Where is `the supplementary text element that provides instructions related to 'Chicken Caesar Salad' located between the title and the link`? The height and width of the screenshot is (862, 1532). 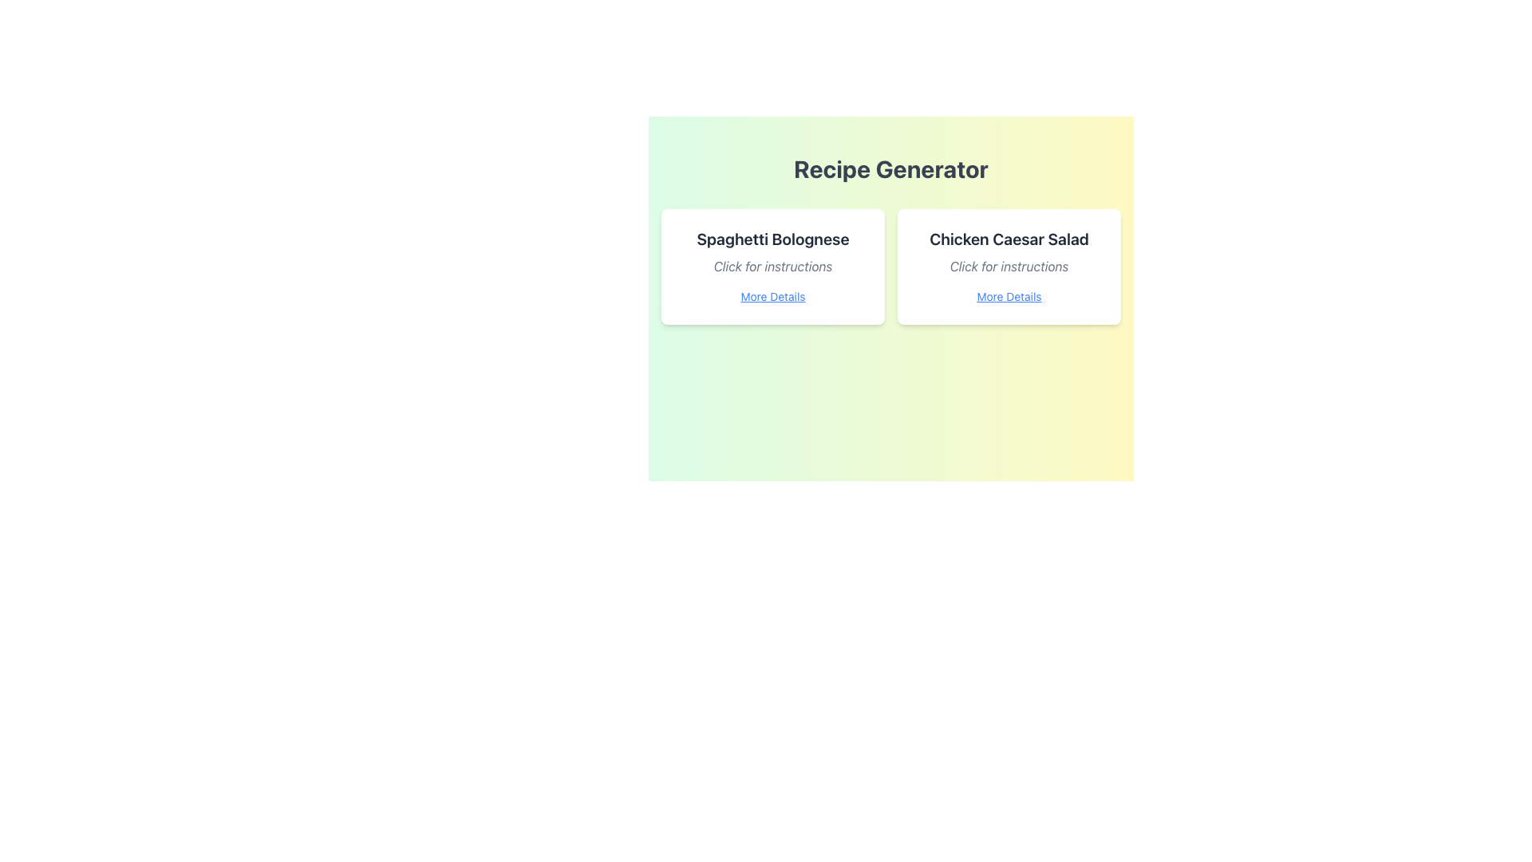 the supplementary text element that provides instructions related to 'Chicken Caesar Salad' located between the title and the link is located at coordinates (1009, 266).